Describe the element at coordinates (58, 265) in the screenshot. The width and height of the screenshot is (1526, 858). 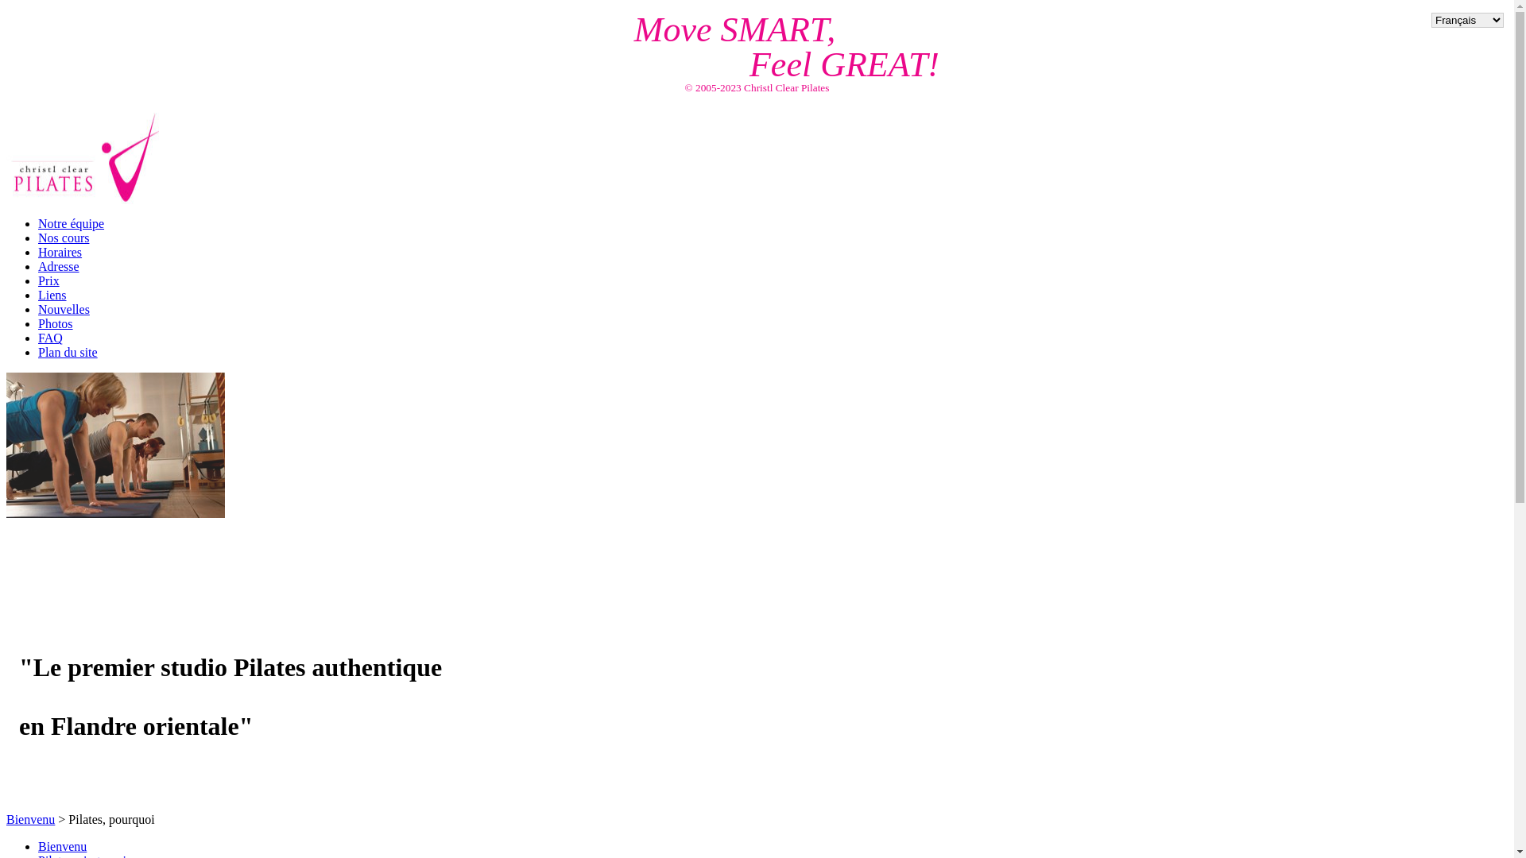
I see `'Adresse'` at that location.